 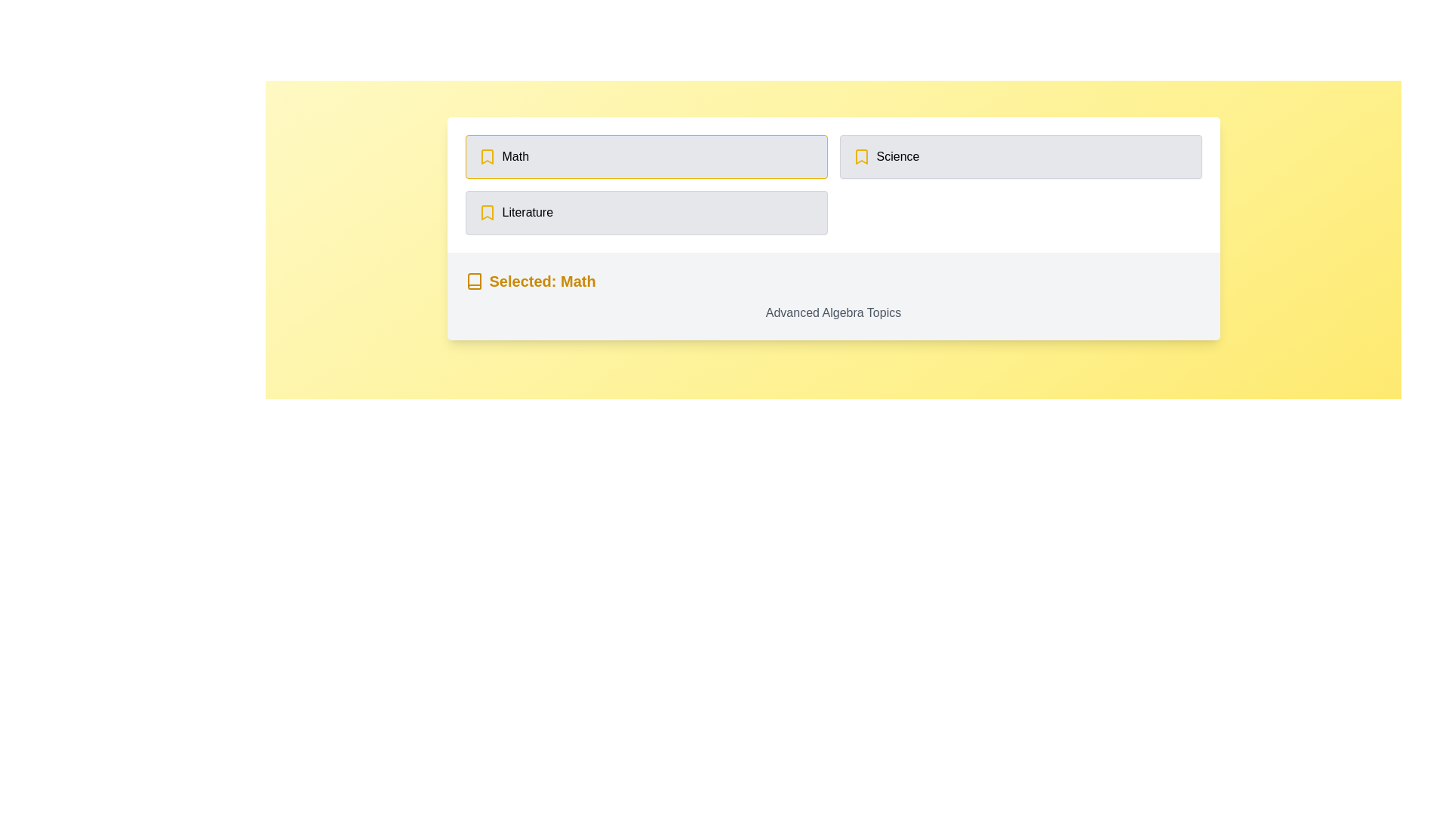 I want to click on the Math category menu item, so click(x=646, y=157).